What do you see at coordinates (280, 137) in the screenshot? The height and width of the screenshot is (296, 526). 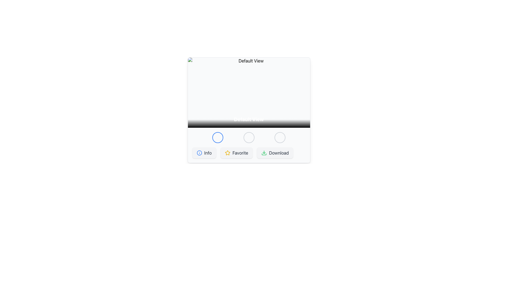 I see `the user profile image located as the third circular avatar in a row of three, positioned to the far right` at bounding box center [280, 137].